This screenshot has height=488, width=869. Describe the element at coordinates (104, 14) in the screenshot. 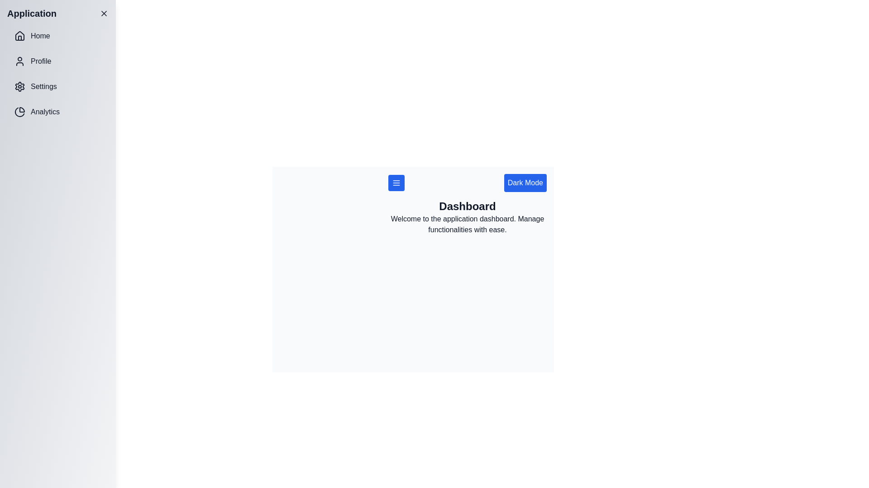

I see `the decorative line segment of the close icon located in the top portion of the sidebar panel, to the right of the word 'Application'` at that location.